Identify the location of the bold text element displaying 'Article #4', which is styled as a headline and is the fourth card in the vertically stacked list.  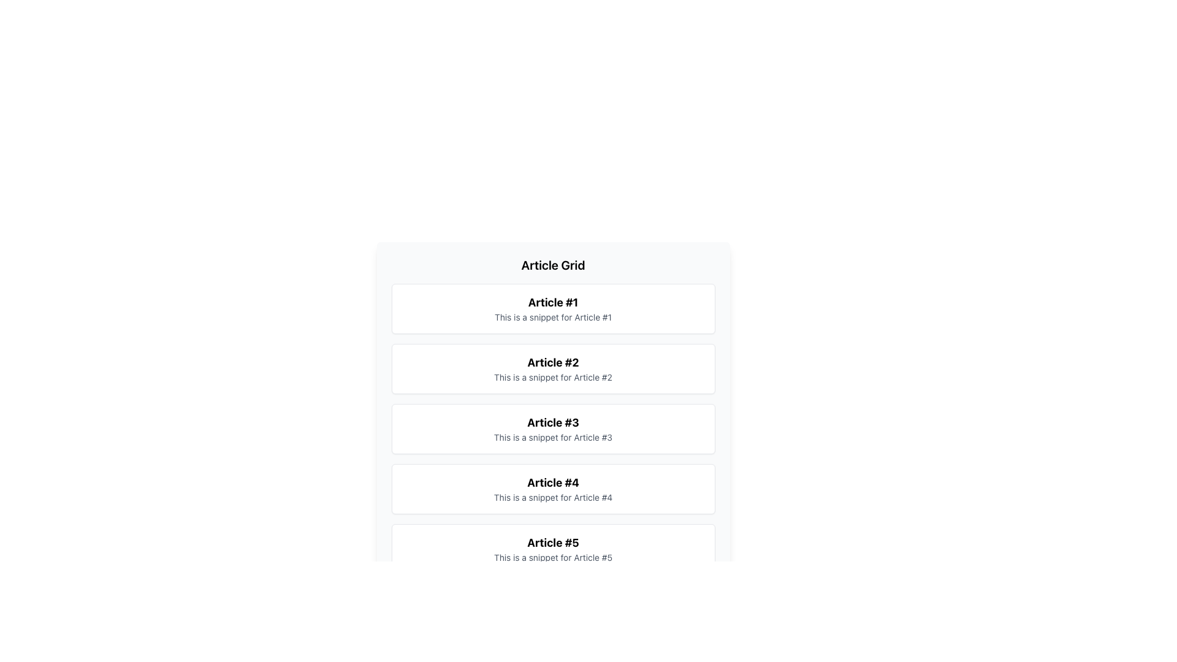
(552, 482).